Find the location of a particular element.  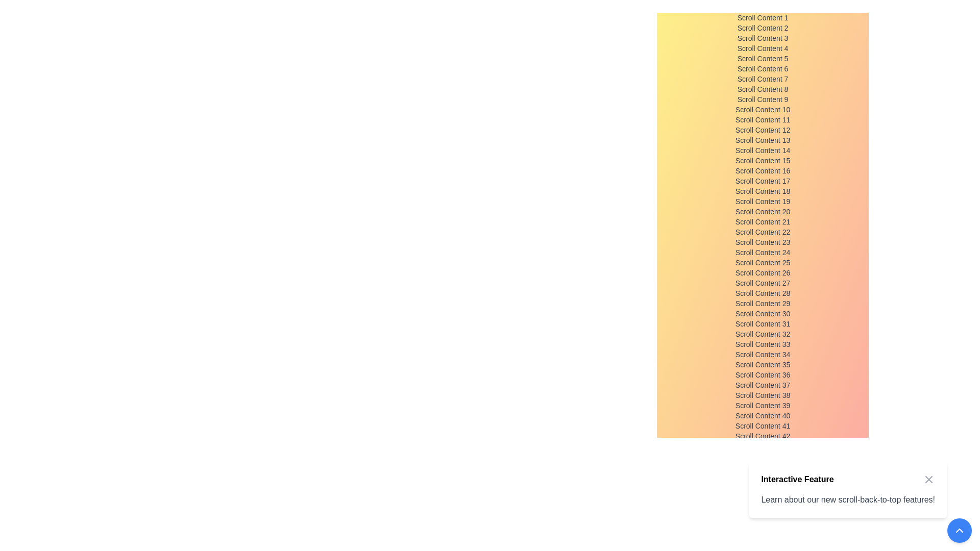

the text label displaying 'Scroll Content 14' which is styled in gray and positioned within a vertical scrollable list is located at coordinates (763, 150).